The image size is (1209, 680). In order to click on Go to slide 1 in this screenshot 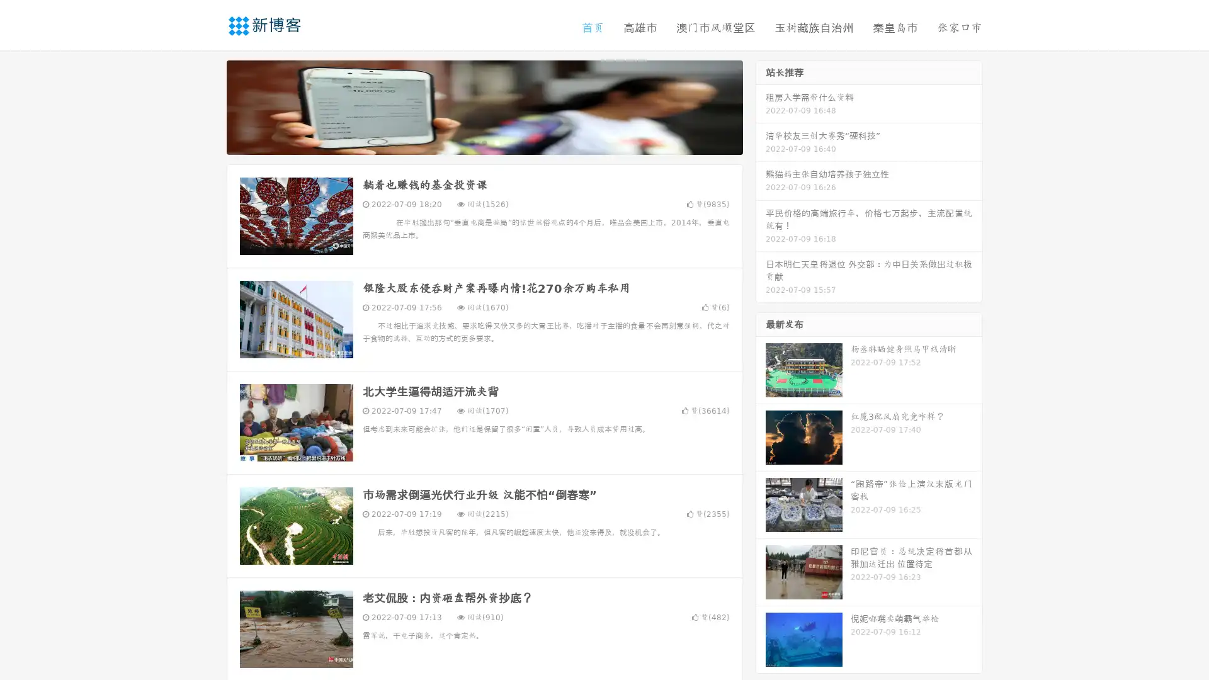, I will do `click(471, 142)`.